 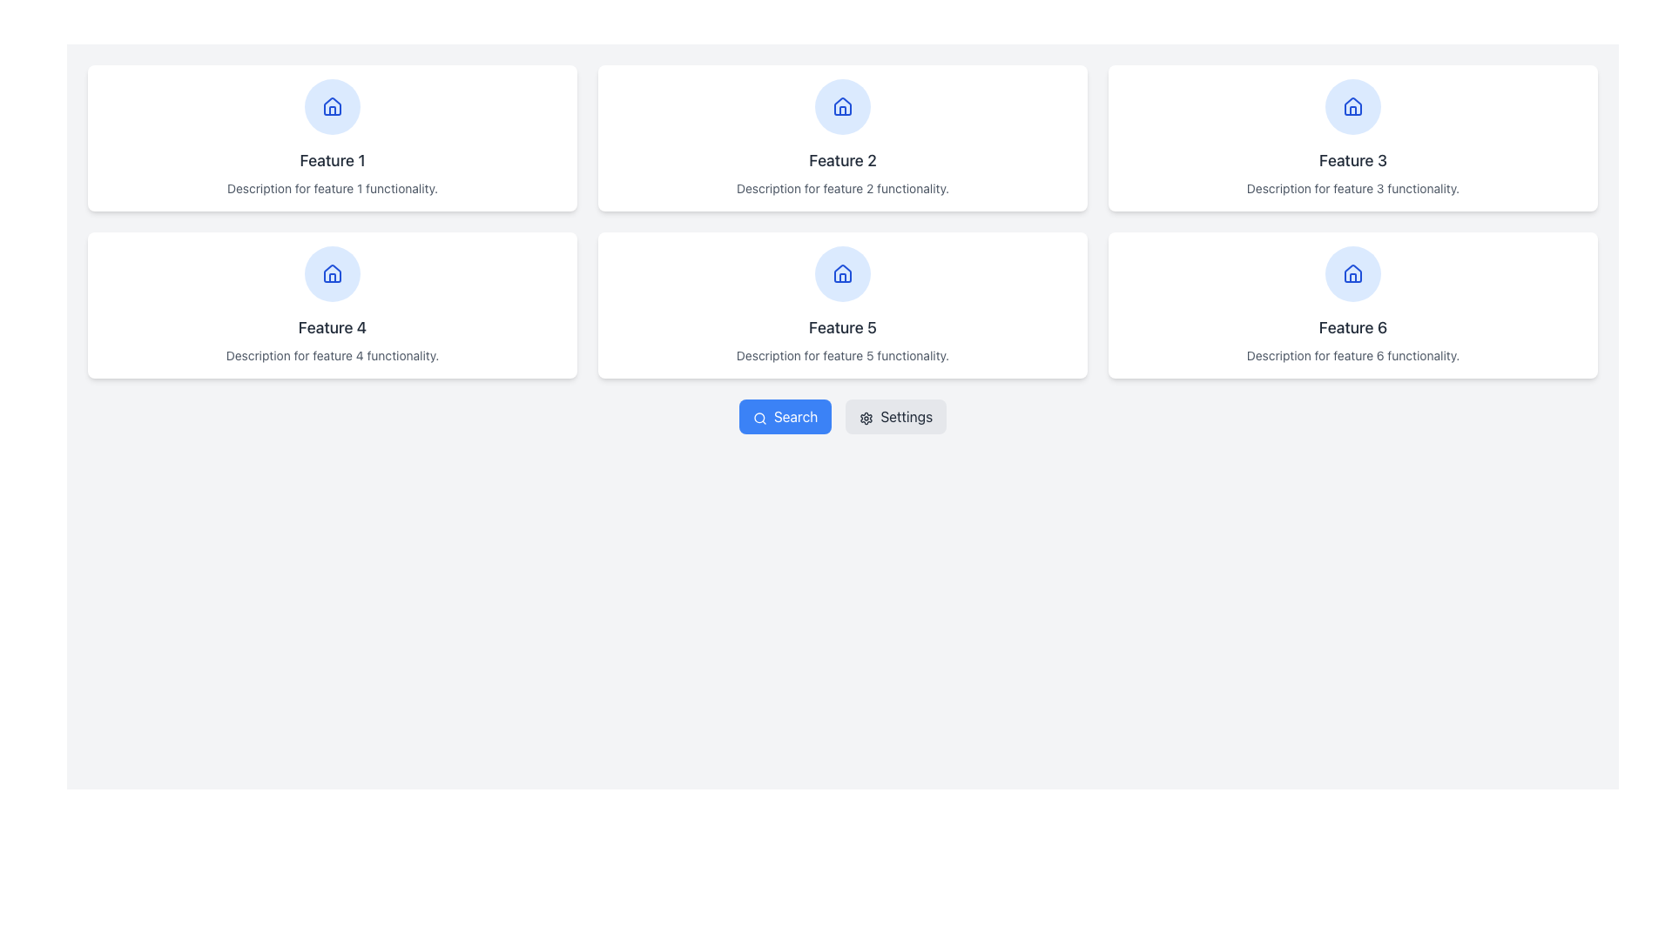 What do you see at coordinates (1352, 107) in the screenshot?
I see `the 'home' vector icon located within the circular area at the top of the 'Feature 3' card in the upper-right card of the grid layout` at bounding box center [1352, 107].